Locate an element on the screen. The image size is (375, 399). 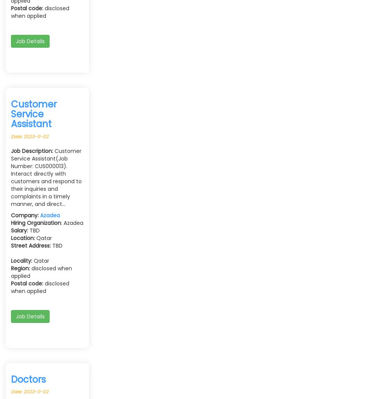
'Region:' is located at coordinates (20, 267).